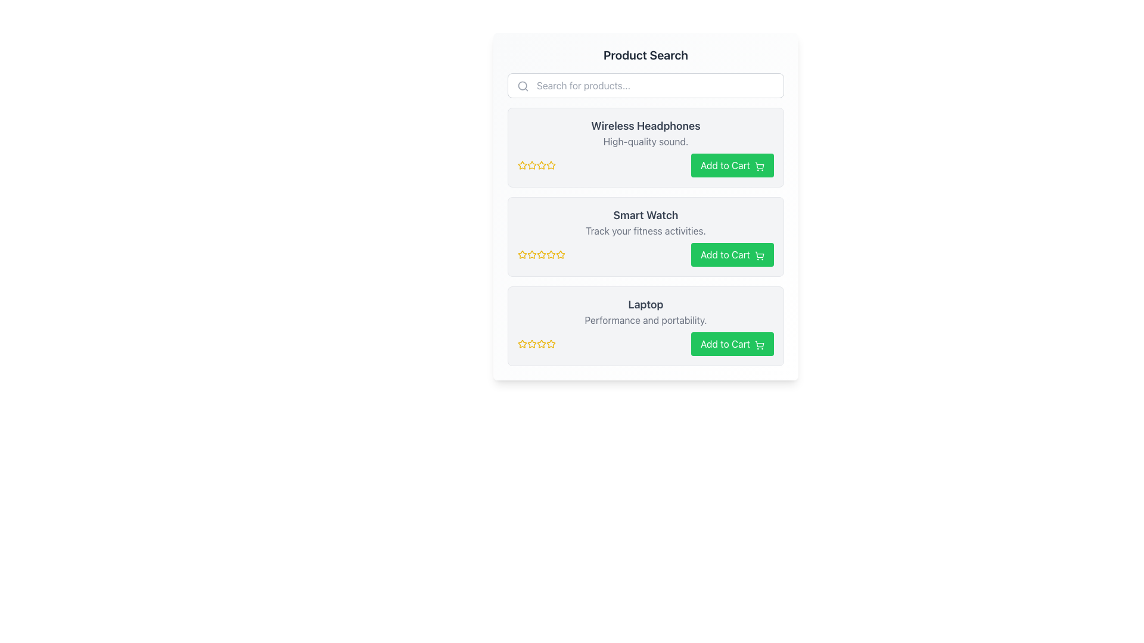  What do you see at coordinates (645, 304) in the screenshot?
I see `the product title text label located within the product card in the search results interface, positioned above the description text and below the product rating stars` at bounding box center [645, 304].